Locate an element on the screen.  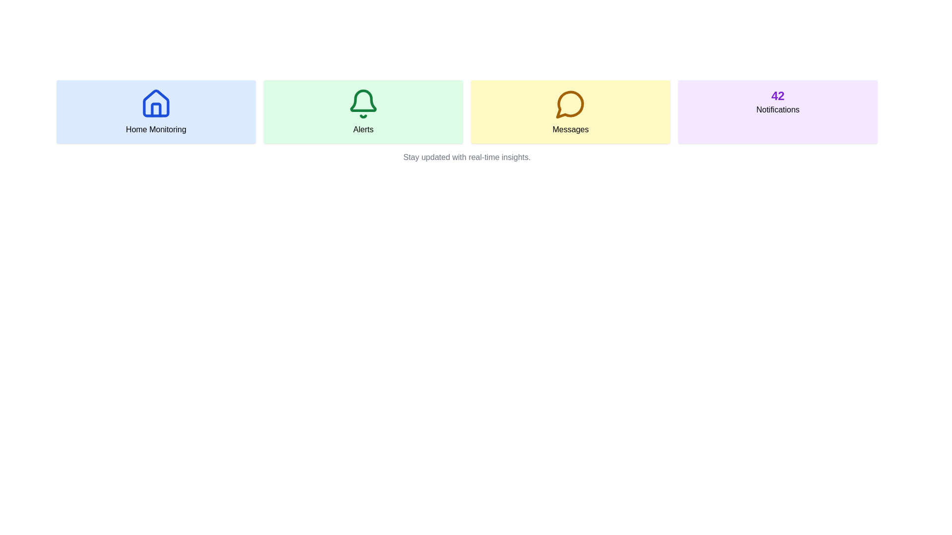
the upper half of the bell-shaped notification icon in the Alerts section, which is styled with thin lines and no fill is located at coordinates (363, 101).